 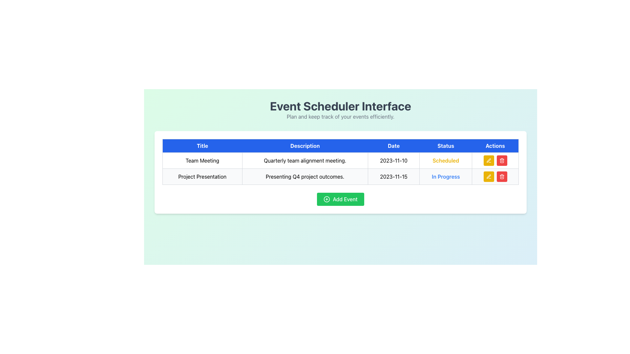 What do you see at coordinates (488, 176) in the screenshot?
I see `the Edit button, which is the first icon in the 'Actions' column of the second row in the table, to initiate editing` at bounding box center [488, 176].